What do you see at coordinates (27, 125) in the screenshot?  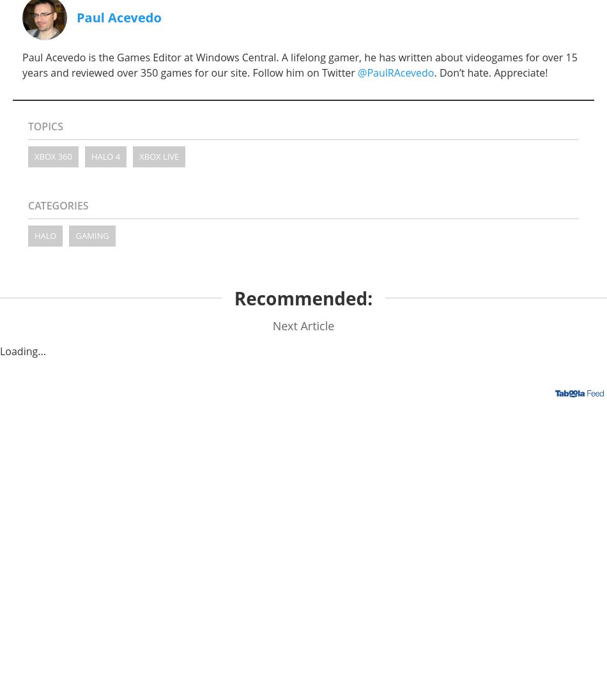 I see `'TOPICS'` at bounding box center [27, 125].